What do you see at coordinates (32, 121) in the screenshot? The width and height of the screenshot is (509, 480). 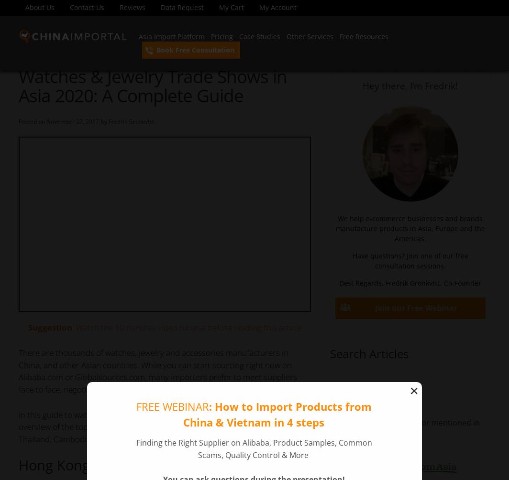 I see `'Posted on'` at bounding box center [32, 121].